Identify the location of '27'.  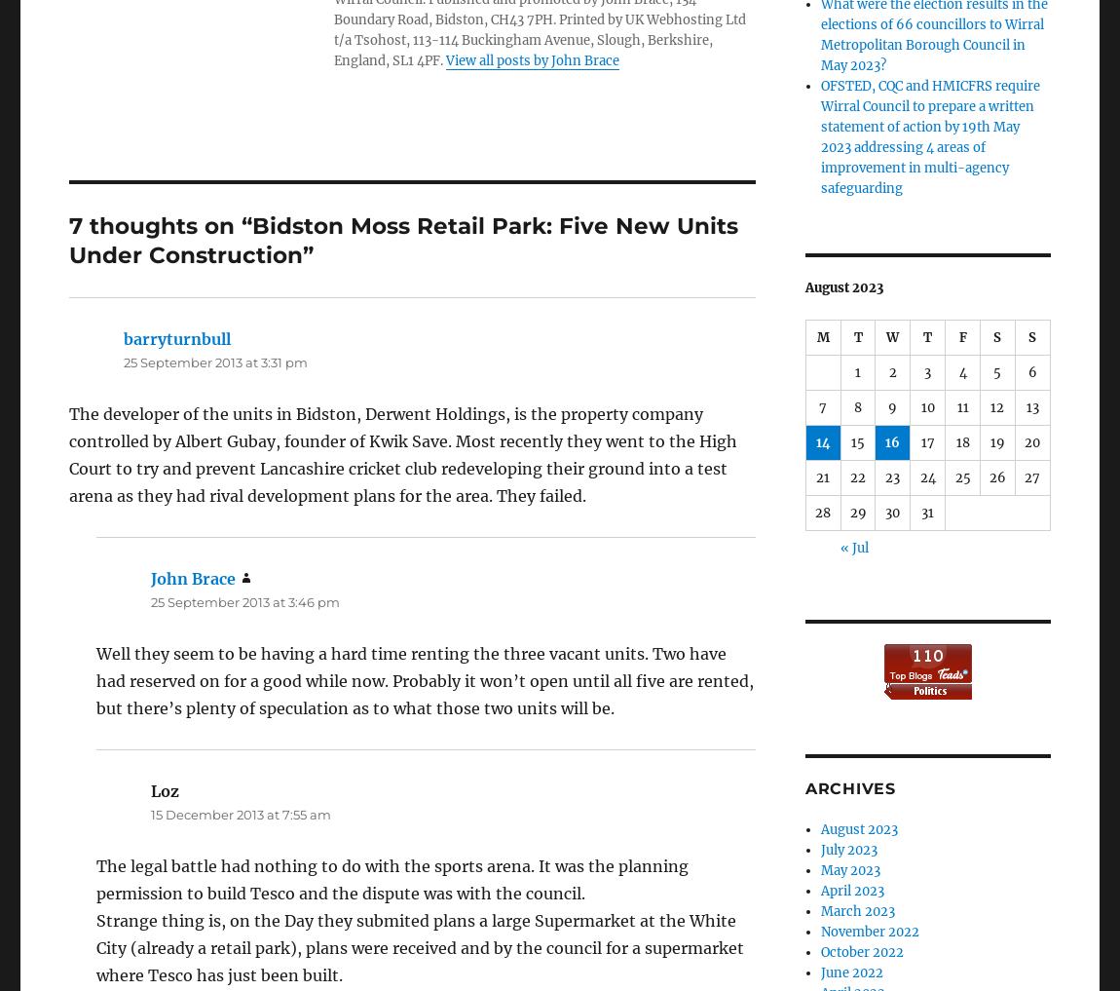
(1031, 476).